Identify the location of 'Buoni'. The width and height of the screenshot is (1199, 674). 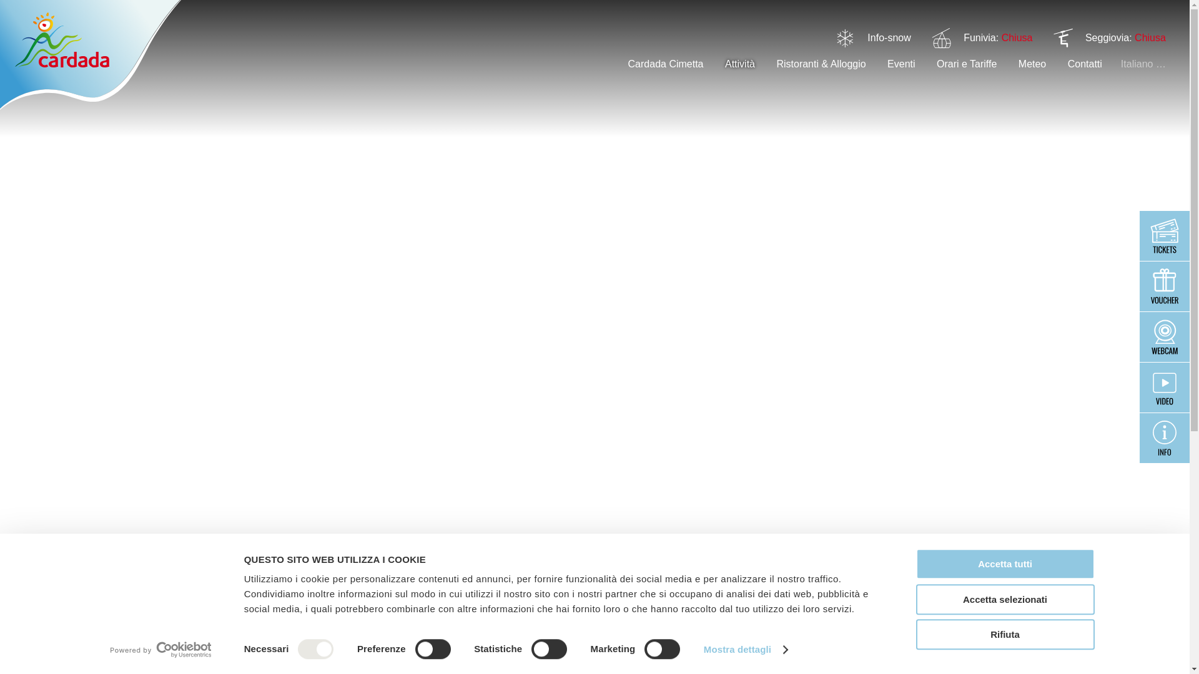
(1164, 286).